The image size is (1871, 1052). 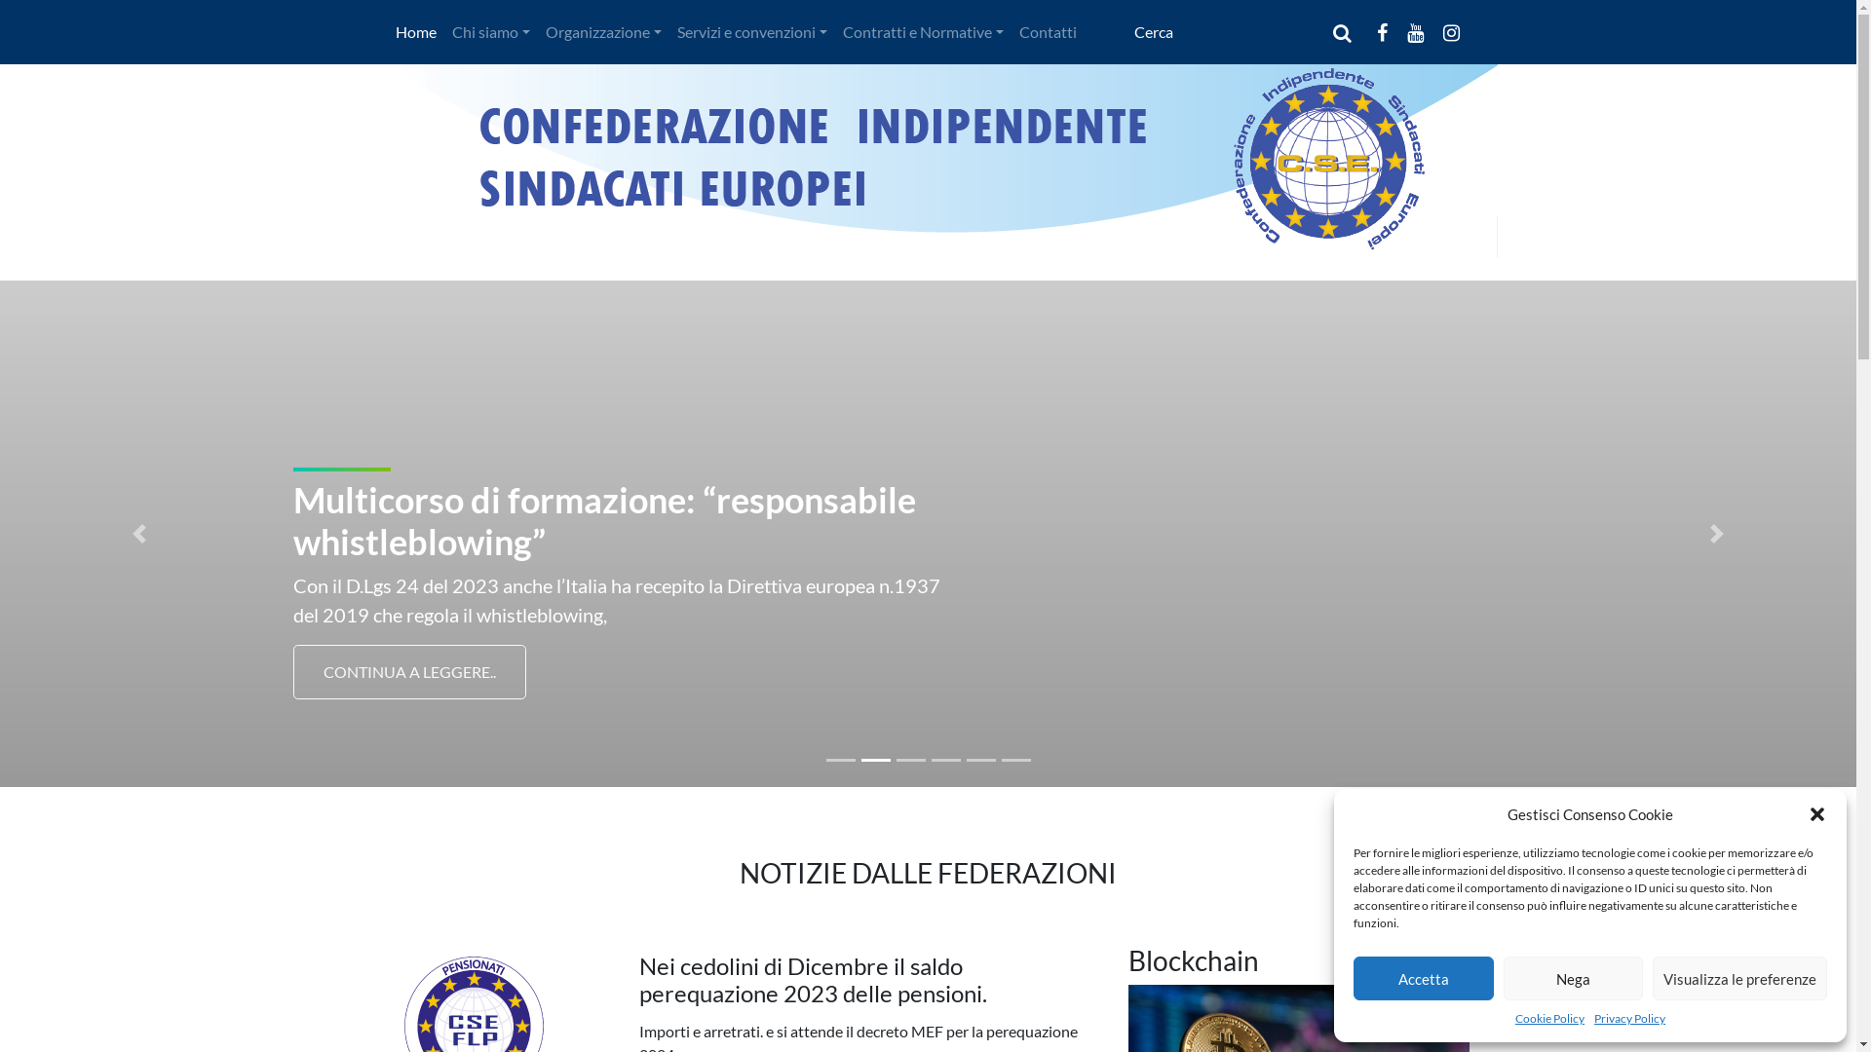 What do you see at coordinates (1739, 978) in the screenshot?
I see `'Visualizza le preferenze'` at bounding box center [1739, 978].